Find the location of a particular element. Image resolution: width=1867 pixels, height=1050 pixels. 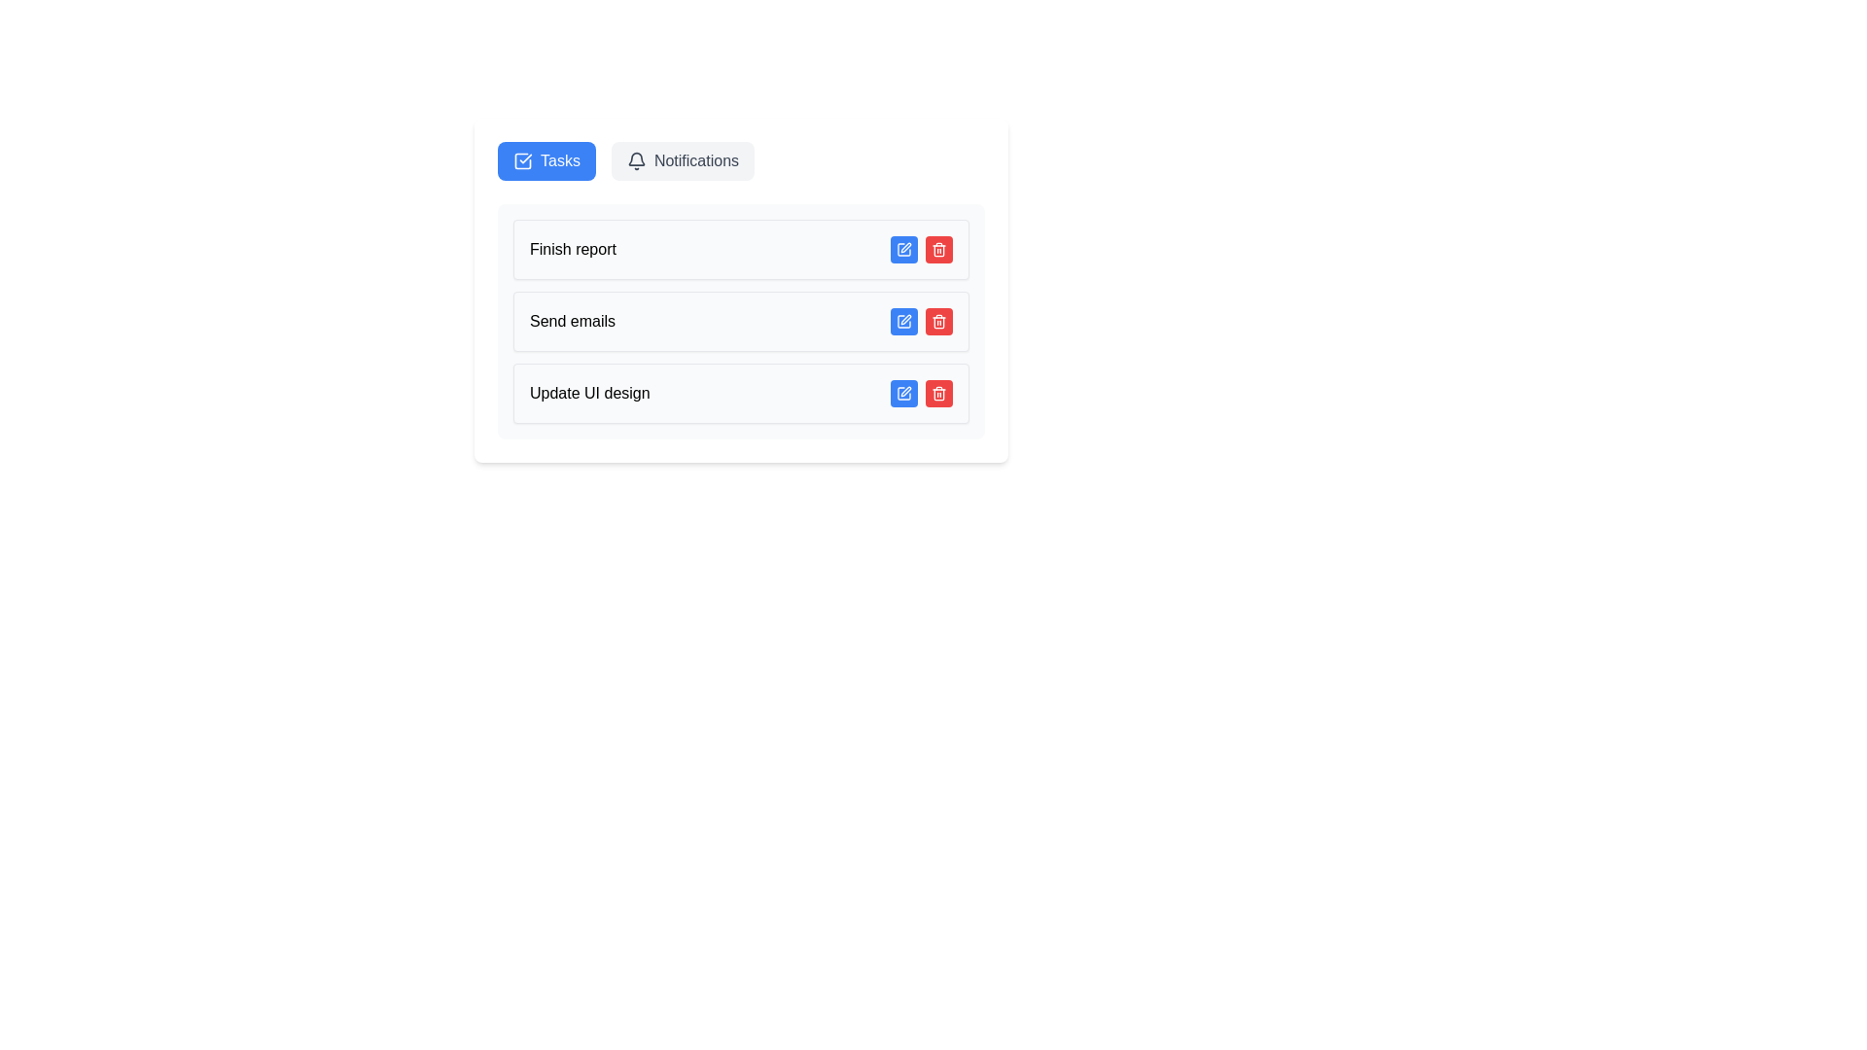

the delete button located in the group of buttons on the right side of the 'Send emails' task item row, which is the second button following a blue pen icon, to trigger a visual response is located at coordinates (938, 321).